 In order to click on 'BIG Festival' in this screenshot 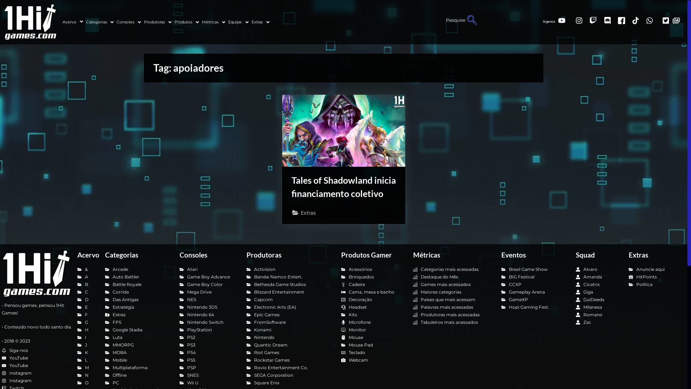, I will do `click(535, 276)`.